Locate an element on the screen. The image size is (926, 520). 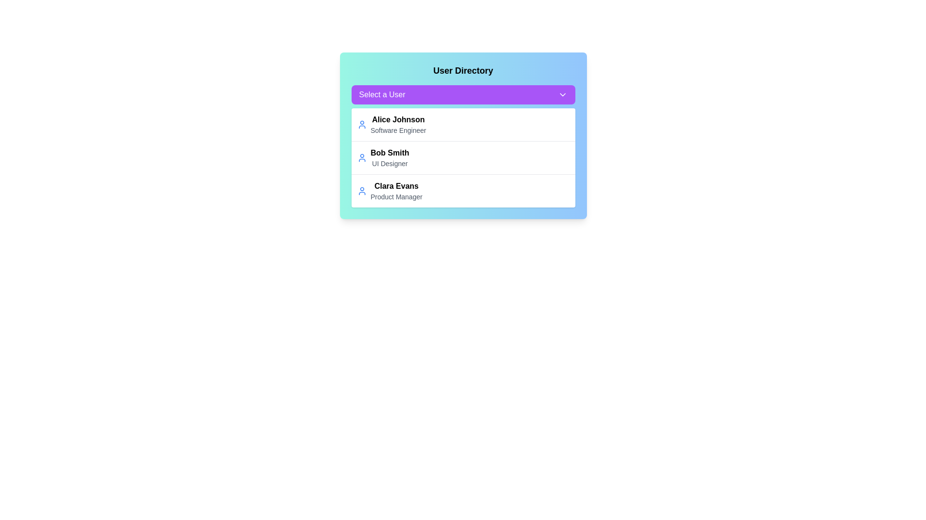
the user entry 'Bob Smith' in the directory list is located at coordinates (463, 157).